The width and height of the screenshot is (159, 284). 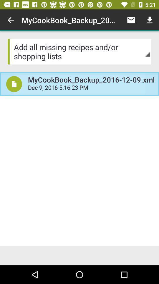 I want to click on item next to the mycookbook_backup_2016 12 09 icon, so click(x=11, y=20).